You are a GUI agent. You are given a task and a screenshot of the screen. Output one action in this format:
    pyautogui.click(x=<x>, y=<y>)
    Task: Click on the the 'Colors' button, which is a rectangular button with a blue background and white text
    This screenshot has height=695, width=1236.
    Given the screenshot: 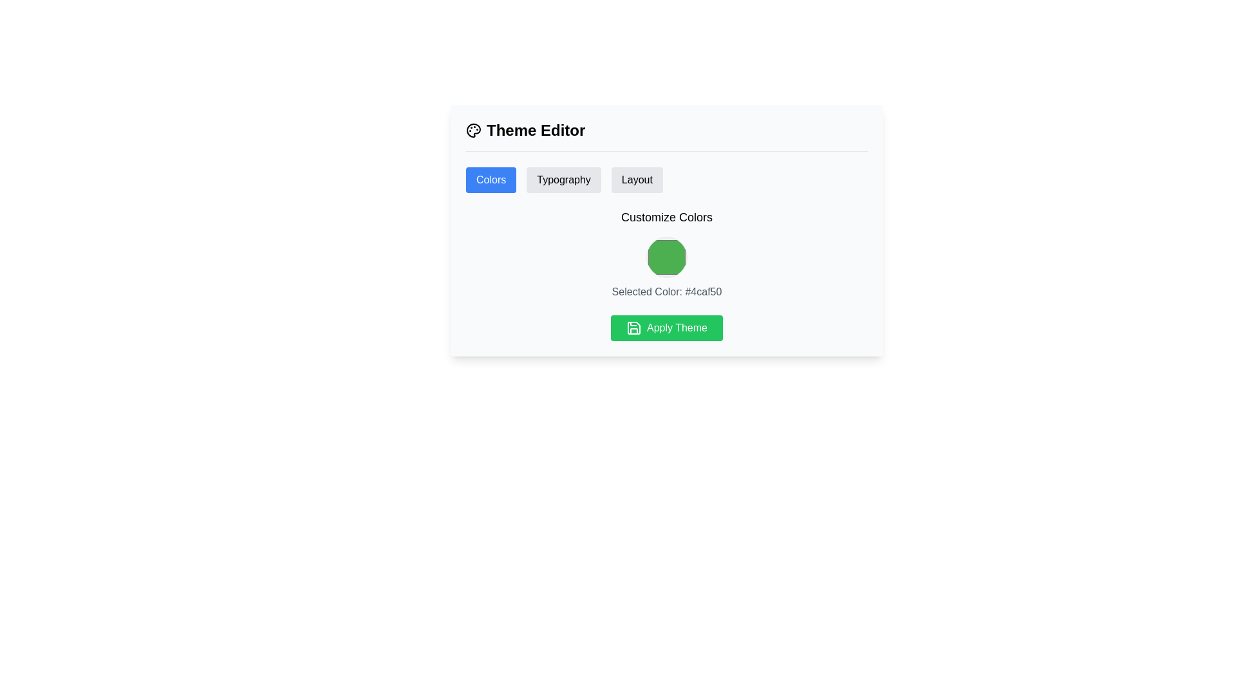 What is the action you would take?
    pyautogui.click(x=491, y=180)
    